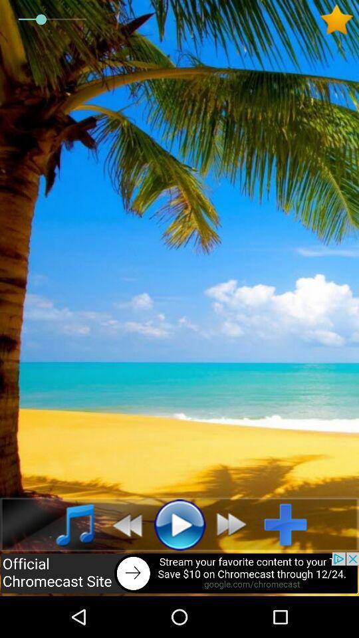 Image resolution: width=359 pixels, height=638 pixels. Describe the element at coordinates (235, 524) in the screenshot. I see `switch autoplay option` at that location.